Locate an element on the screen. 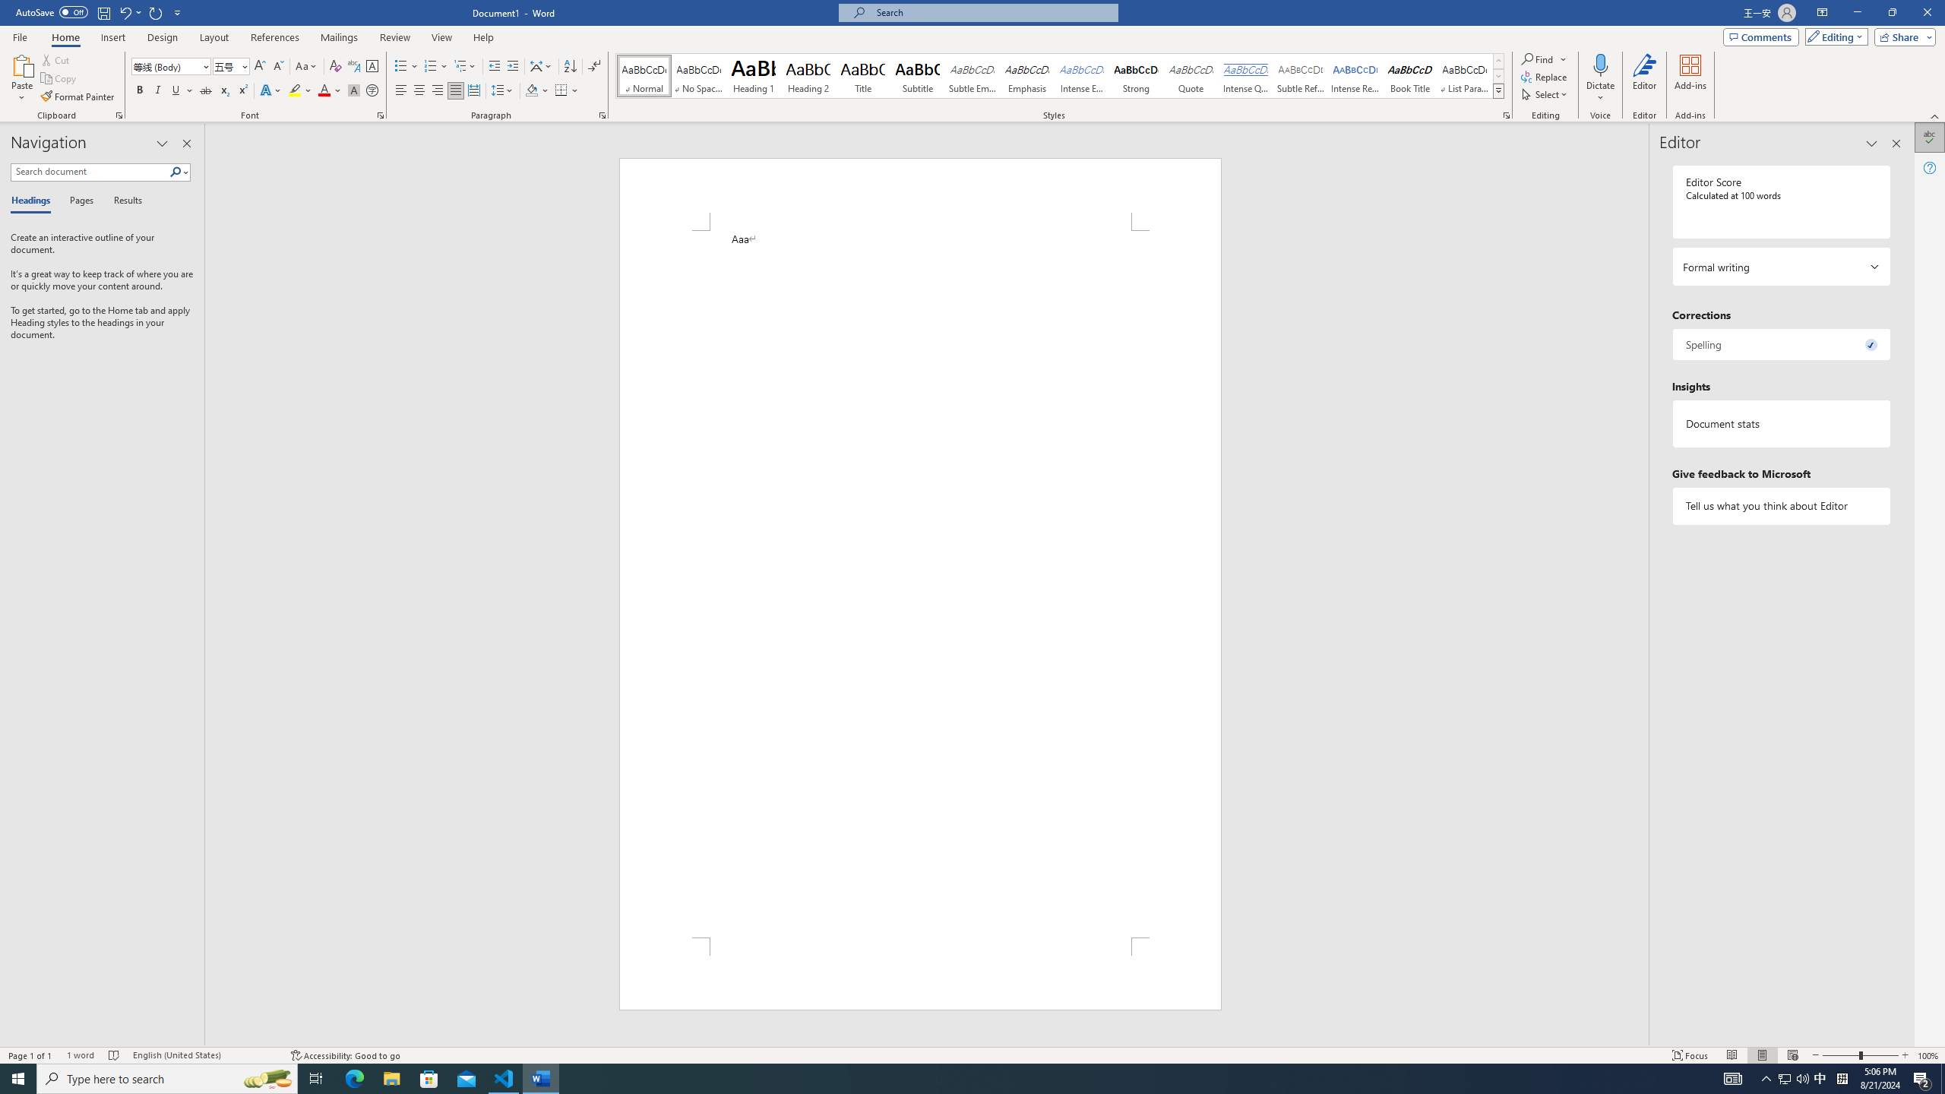 Image resolution: width=1945 pixels, height=1094 pixels. 'Spelling, 0 issues. Press space or enter to review items.' is located at coordinates (1780, 343).